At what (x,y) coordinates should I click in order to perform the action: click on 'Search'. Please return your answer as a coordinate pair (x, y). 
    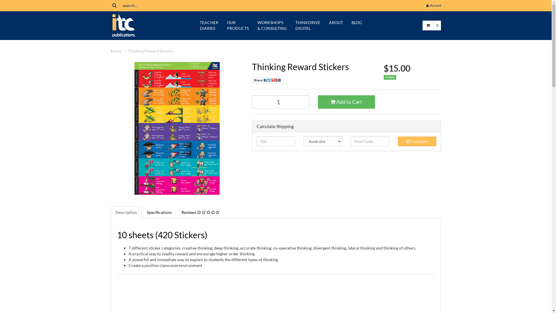
    Looking at the image, I should click on (114, 5).